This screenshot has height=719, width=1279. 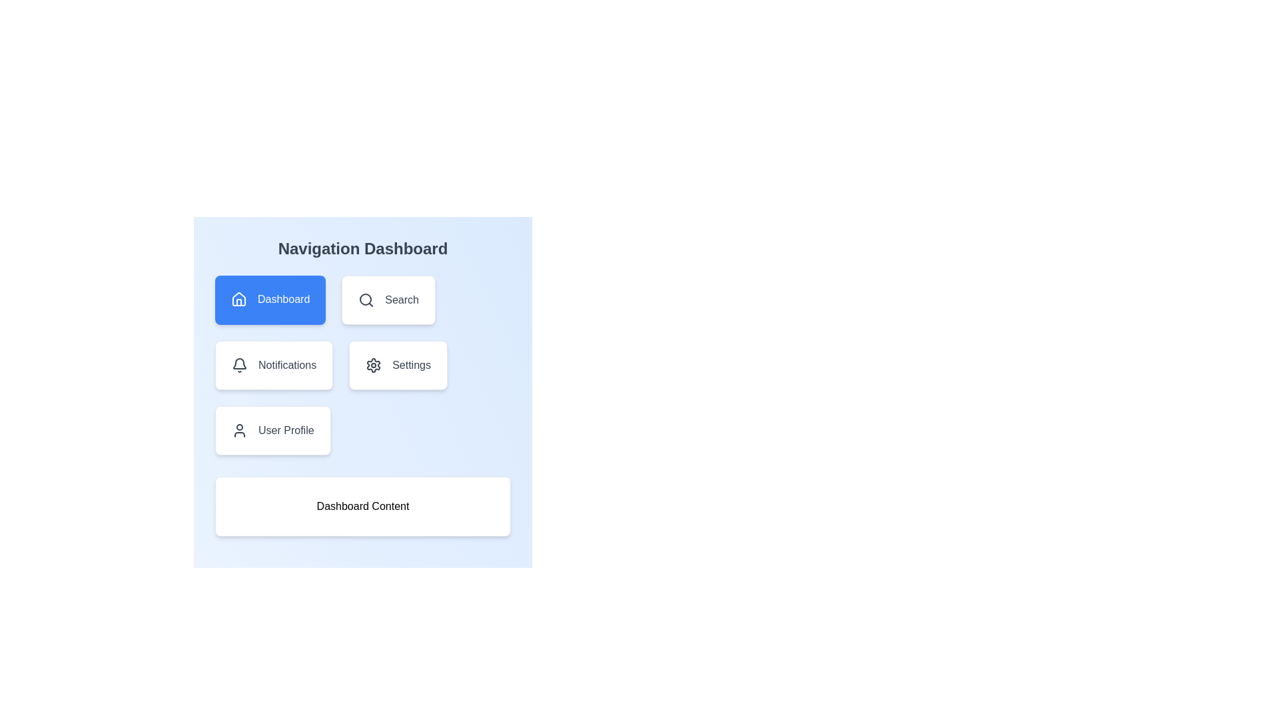 What do you see at coordinates (388, 300) in the screenshot?
I see `the 'Search' button, which features a magnifying glass icon and is located to the right of the 'Dashboard' button in the top row of the main menu` at bounding box center [388, 300].